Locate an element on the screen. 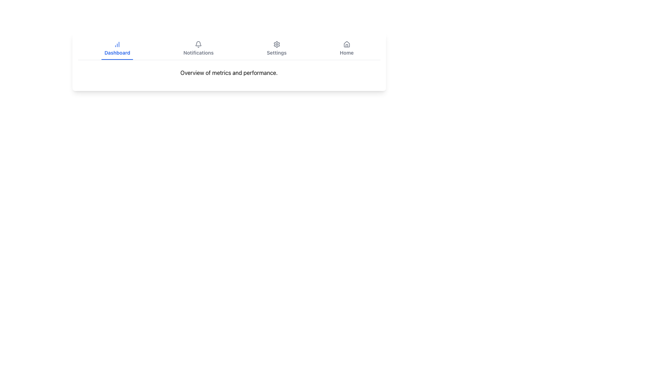 Image resolution: width=672 pixels, height=378 pixels. the 'Settings' text label, which is styled with a small font size and bold weight, located beneath the settings icon in the navigation bar is located at coordinates (276, 52).